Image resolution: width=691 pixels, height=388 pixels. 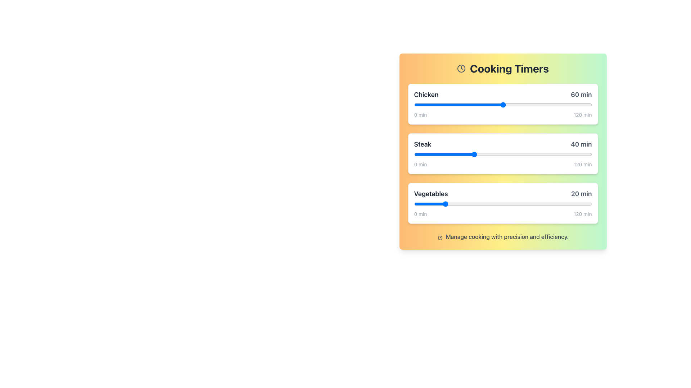 What do you see at coordinates (502, 165) in the screenshot?
I see `the Range value labels located beneath the '40 min' slider in the 'Steak' section of the 'Cooking Timers' interface` at bounding box center [502, 165].